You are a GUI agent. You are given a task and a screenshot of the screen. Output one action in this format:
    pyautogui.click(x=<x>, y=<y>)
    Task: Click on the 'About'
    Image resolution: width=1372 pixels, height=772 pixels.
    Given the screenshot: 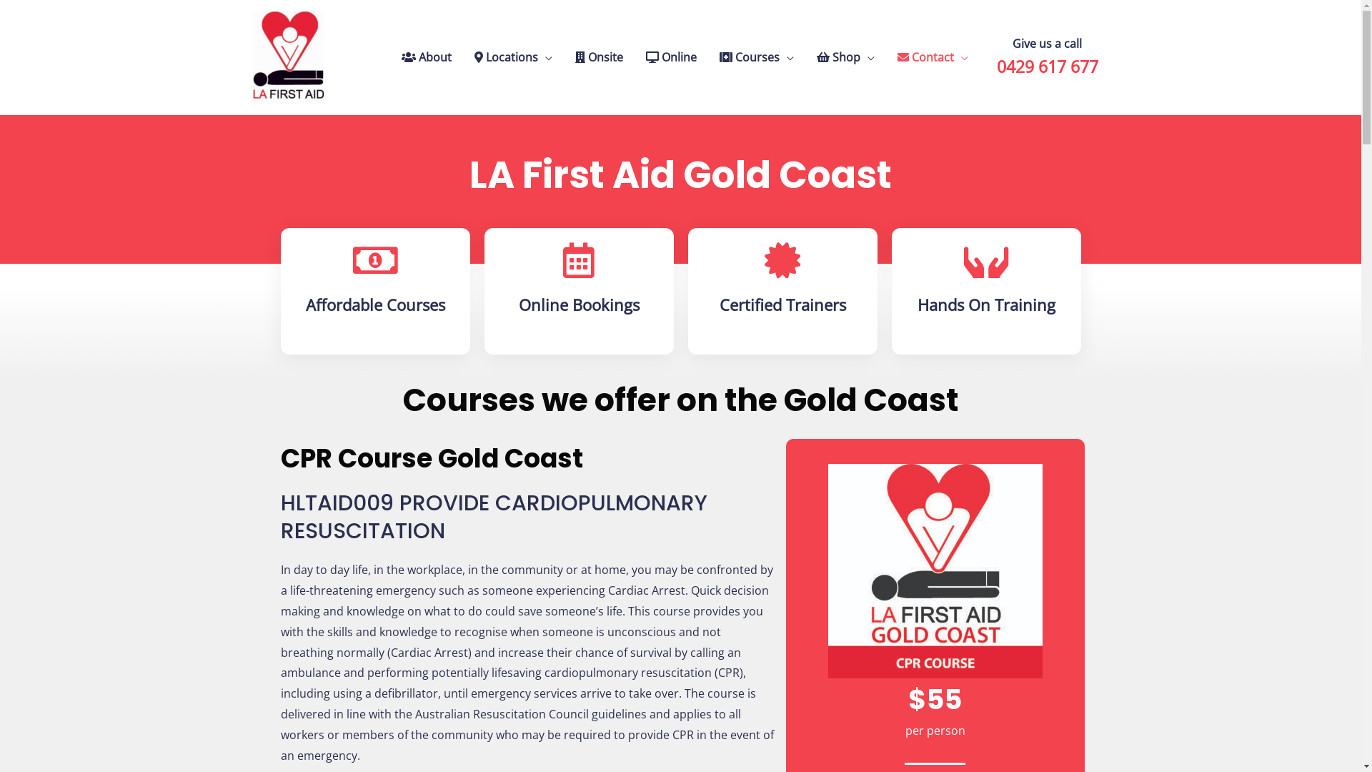 What is the action you would take?
    pyautogui.click(x=425, y=56)
    